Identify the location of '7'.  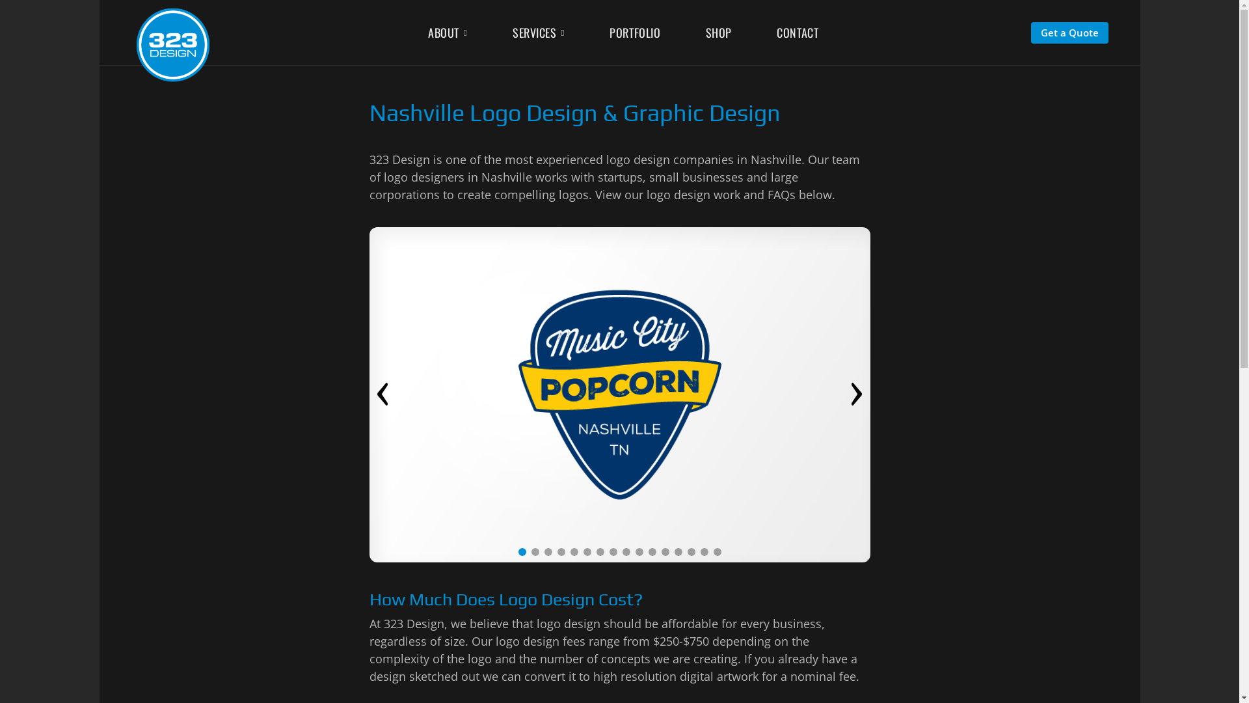
(595, 552).